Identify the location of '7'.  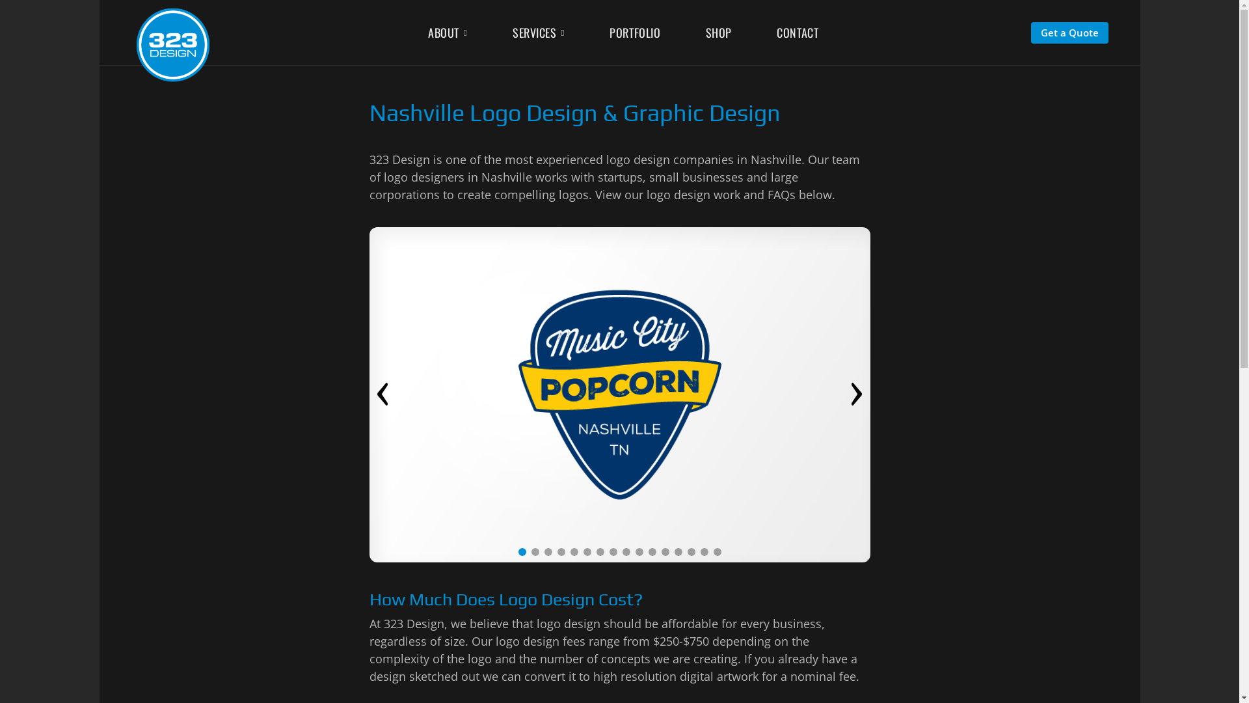
(595, 552).